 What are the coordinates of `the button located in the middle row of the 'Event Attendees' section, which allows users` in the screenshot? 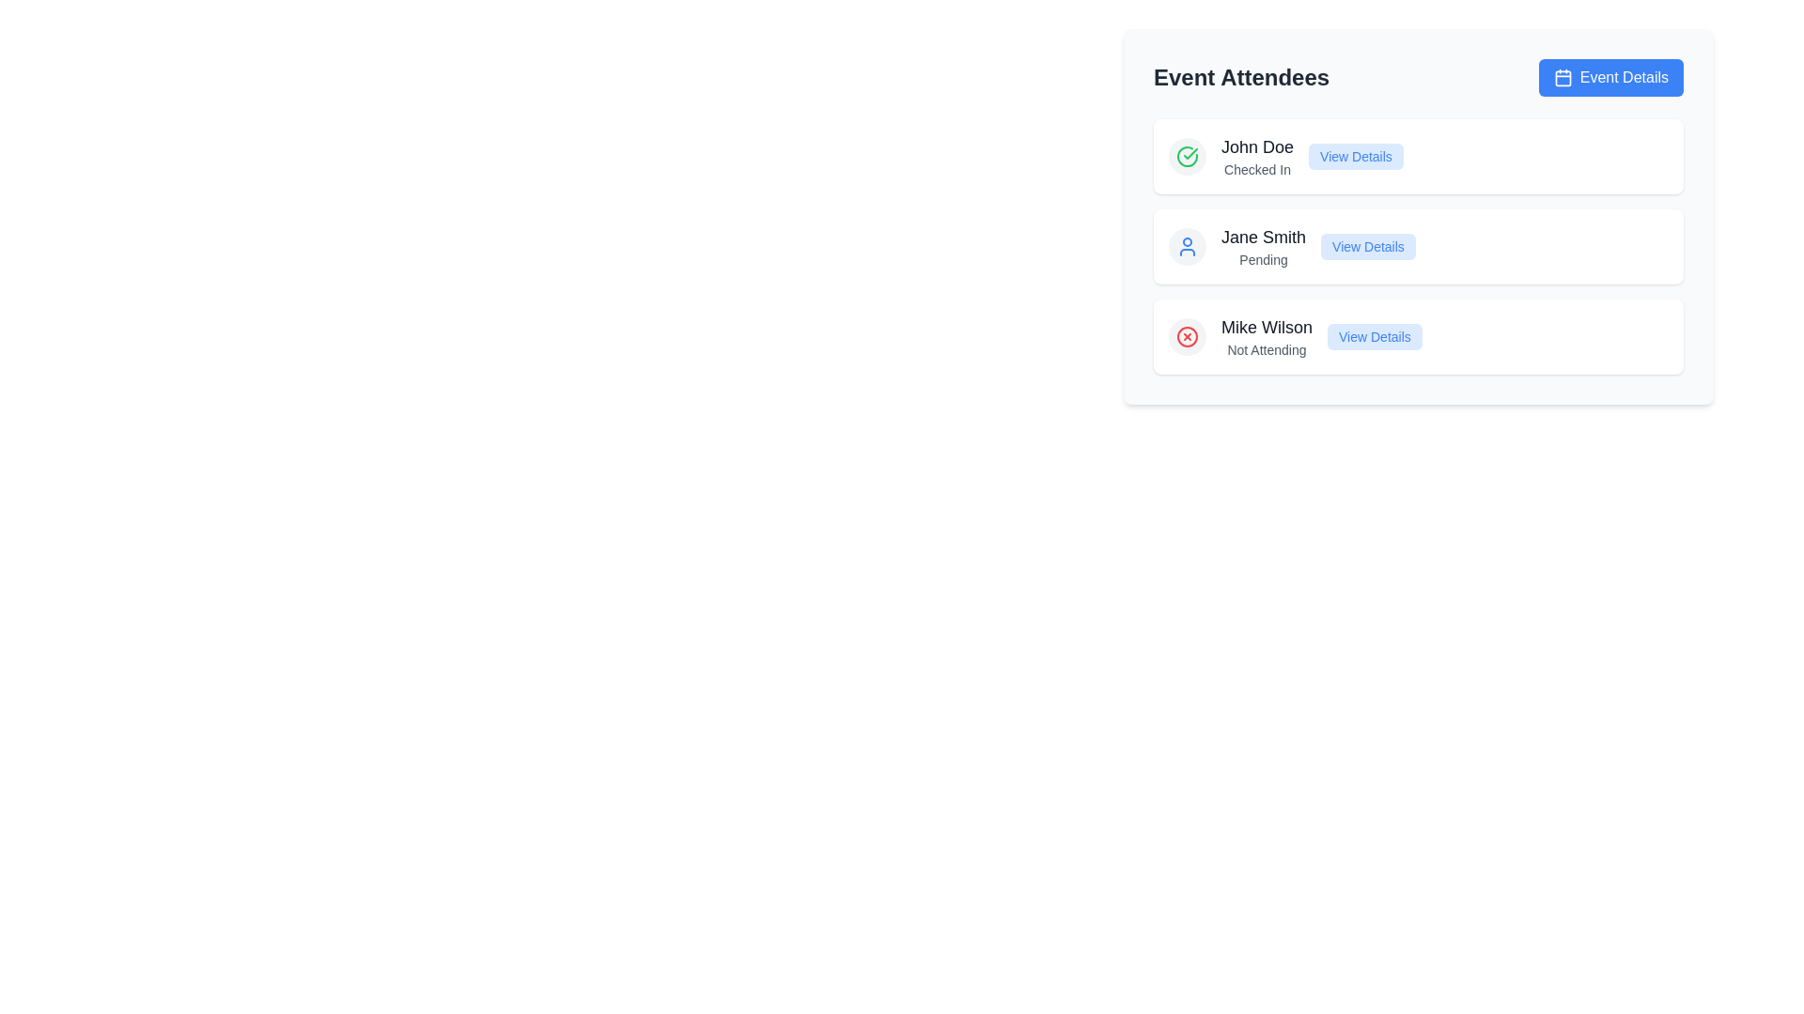 It's located at (1368, 245).